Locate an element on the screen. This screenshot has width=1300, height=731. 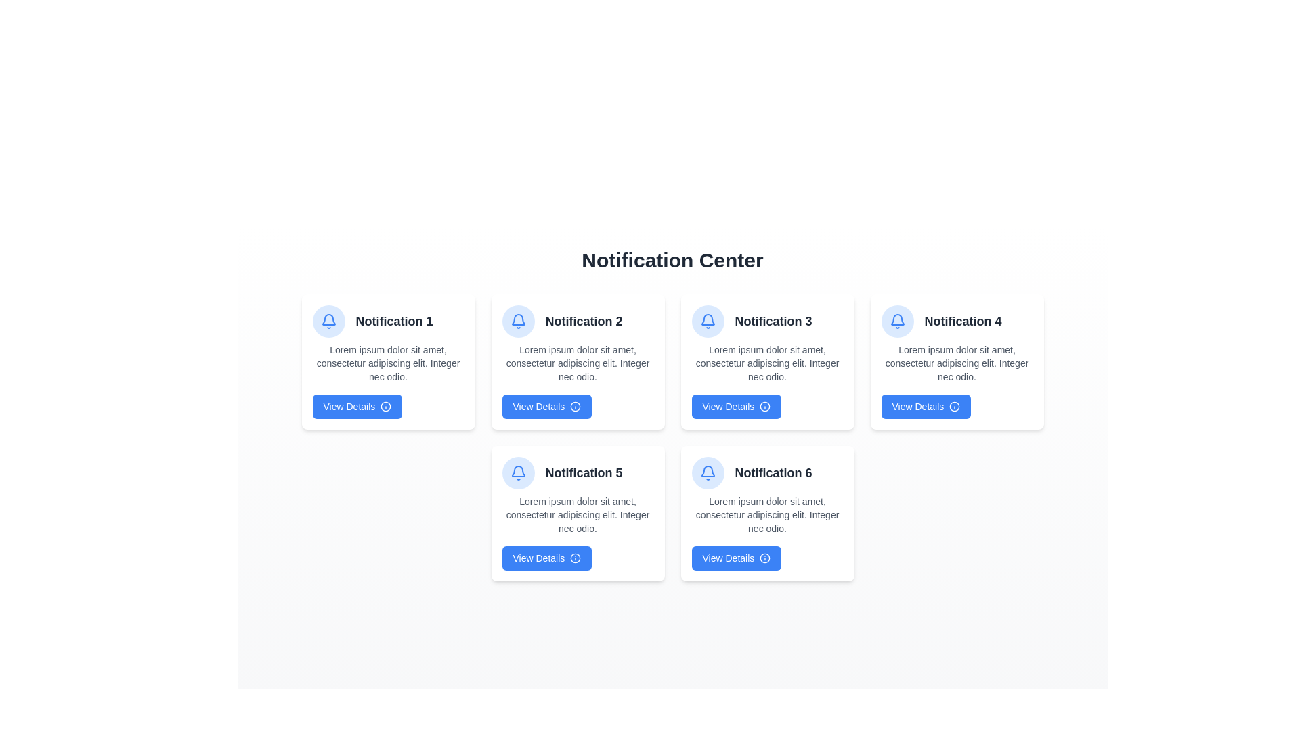
the Text Label that serves as the title for the second notification box in the grid, positioned between 'Notification 1' and 'Notification 3' is located at coordinates (578, 321).